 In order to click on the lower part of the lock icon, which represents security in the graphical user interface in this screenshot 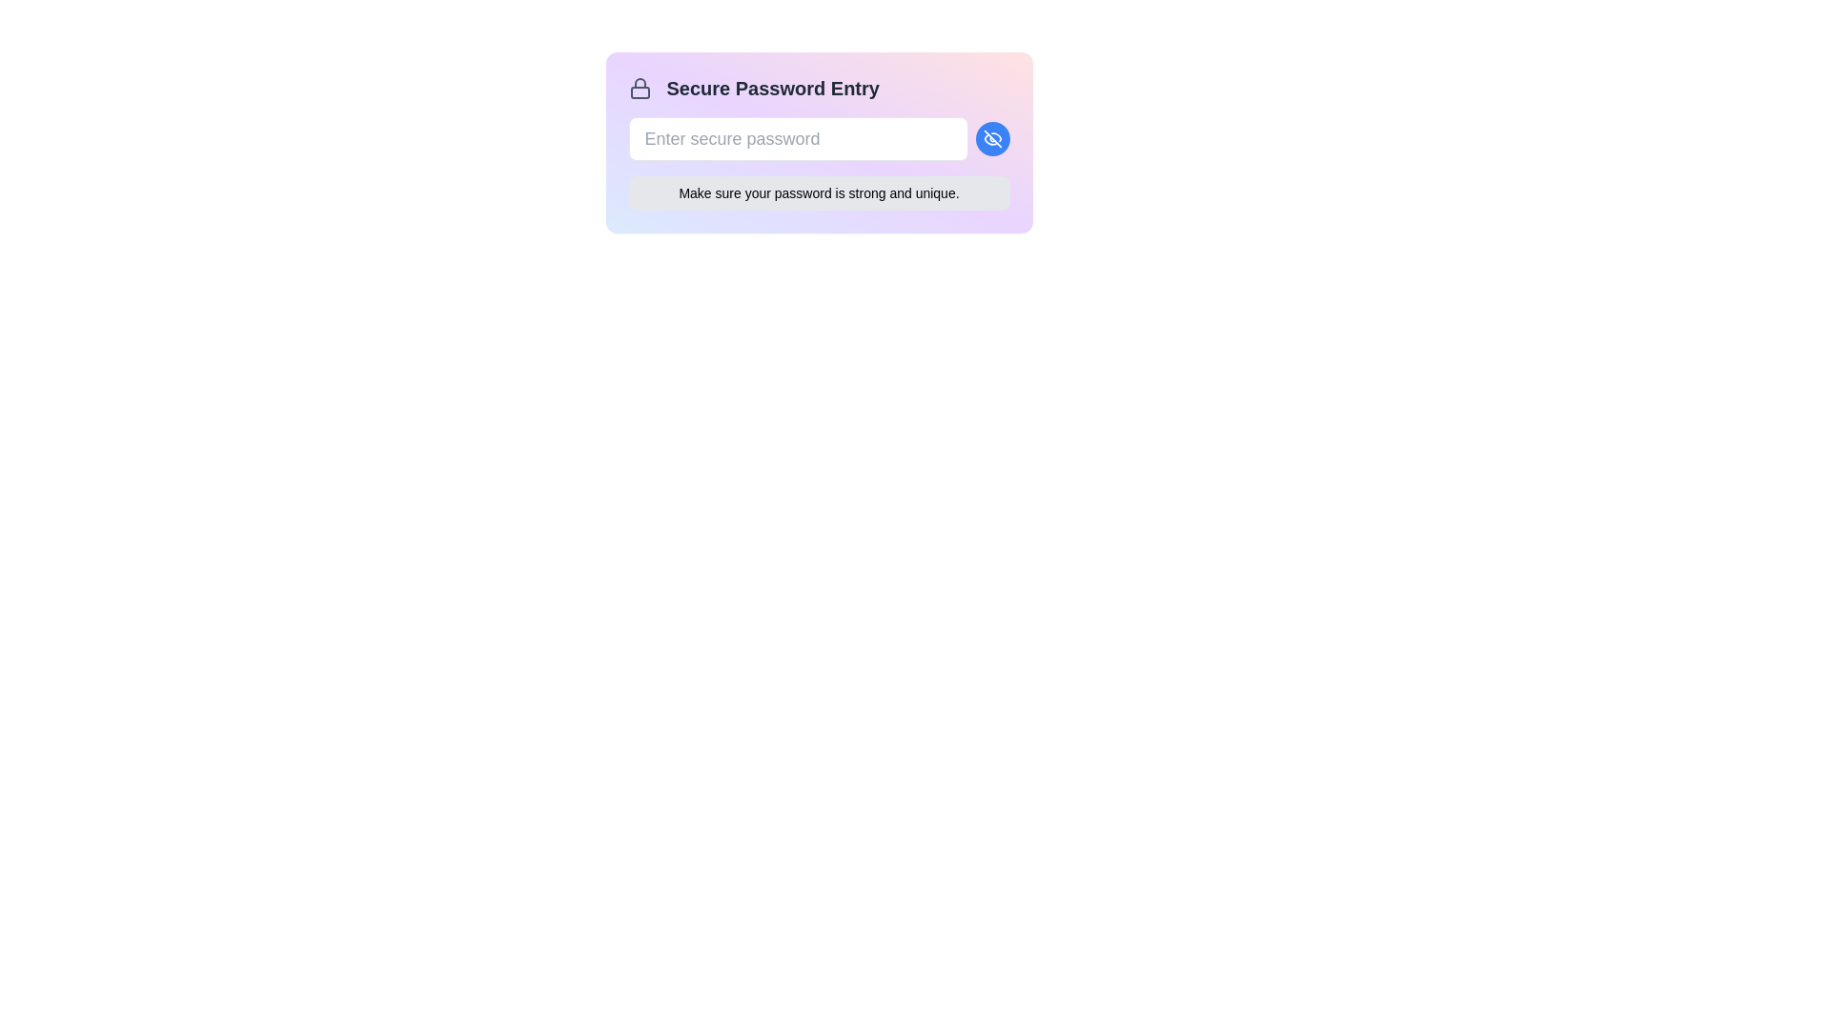, I will do `click(640, 92)`.